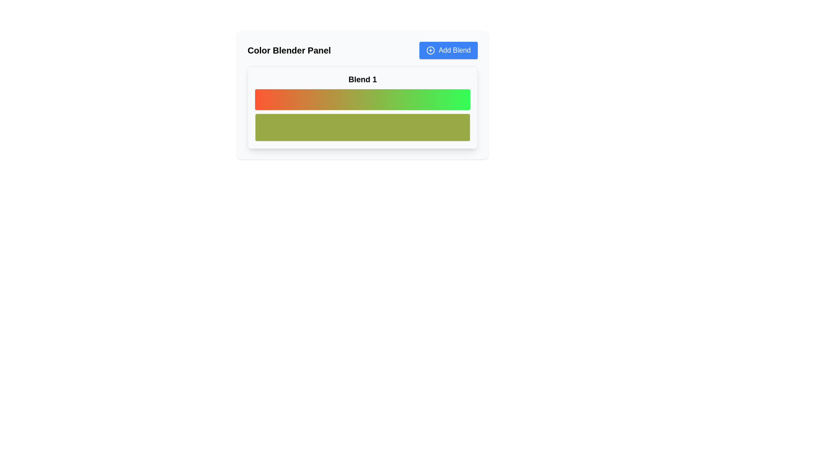 This screenshot has height=470, width=837. I want to click on the SVG Circle component that is part of the icon representing the action, so click(431, 50).